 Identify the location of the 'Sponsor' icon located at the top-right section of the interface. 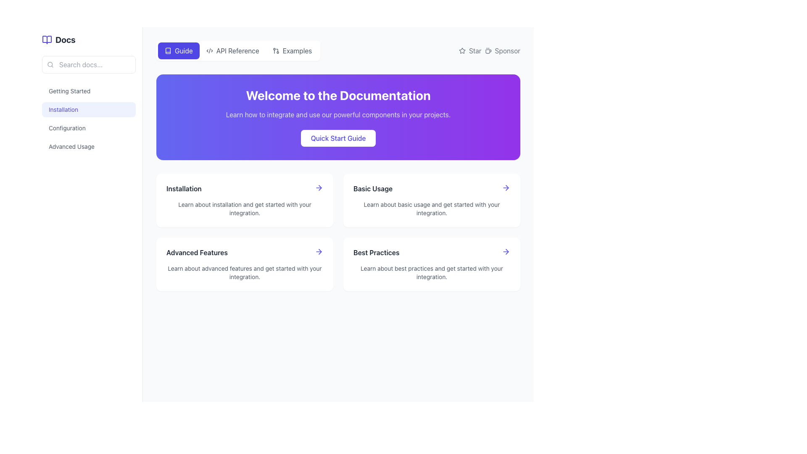
(488, 50).